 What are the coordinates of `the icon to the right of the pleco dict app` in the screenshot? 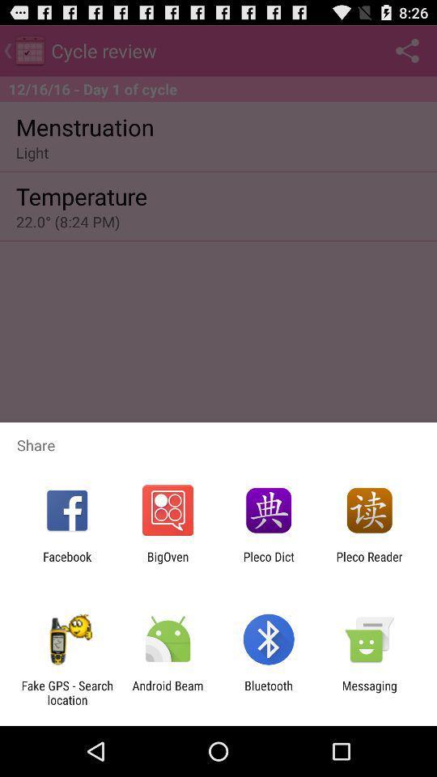 It's located at (369, 563).